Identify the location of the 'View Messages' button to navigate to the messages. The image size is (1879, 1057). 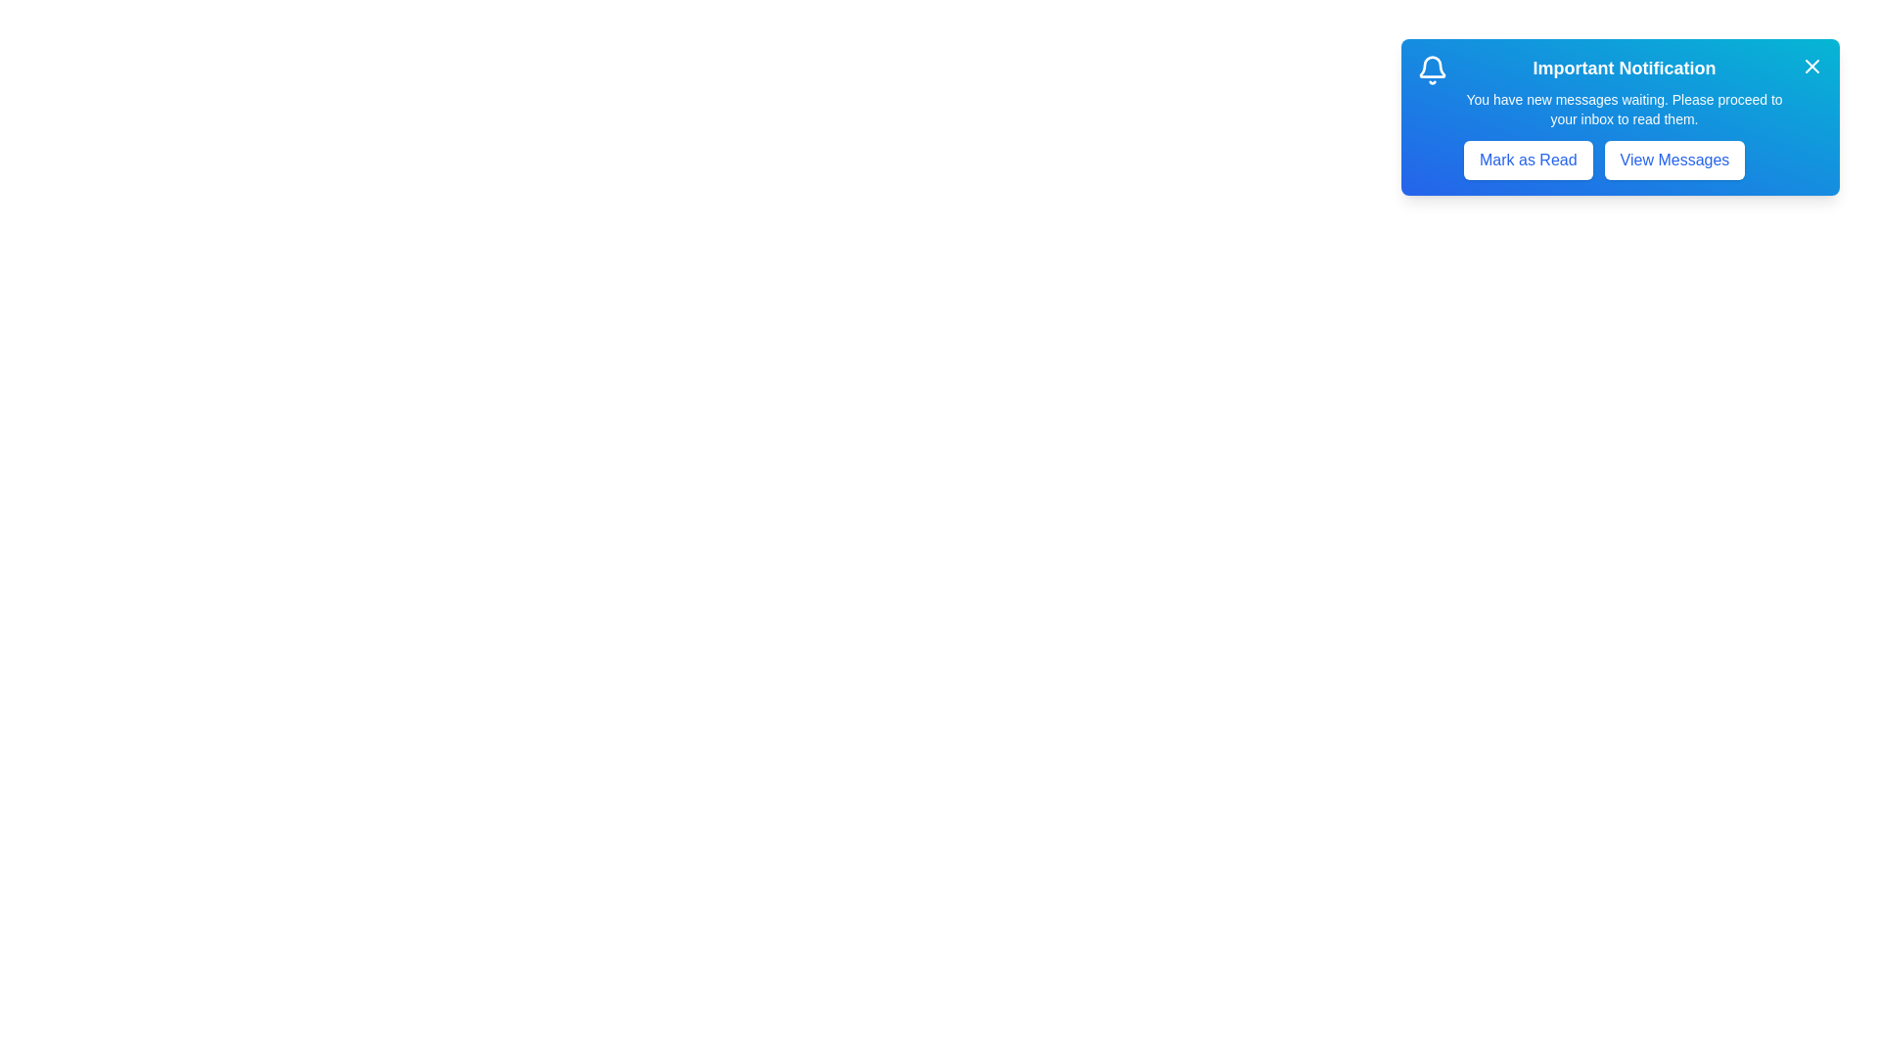
(1673, 160).